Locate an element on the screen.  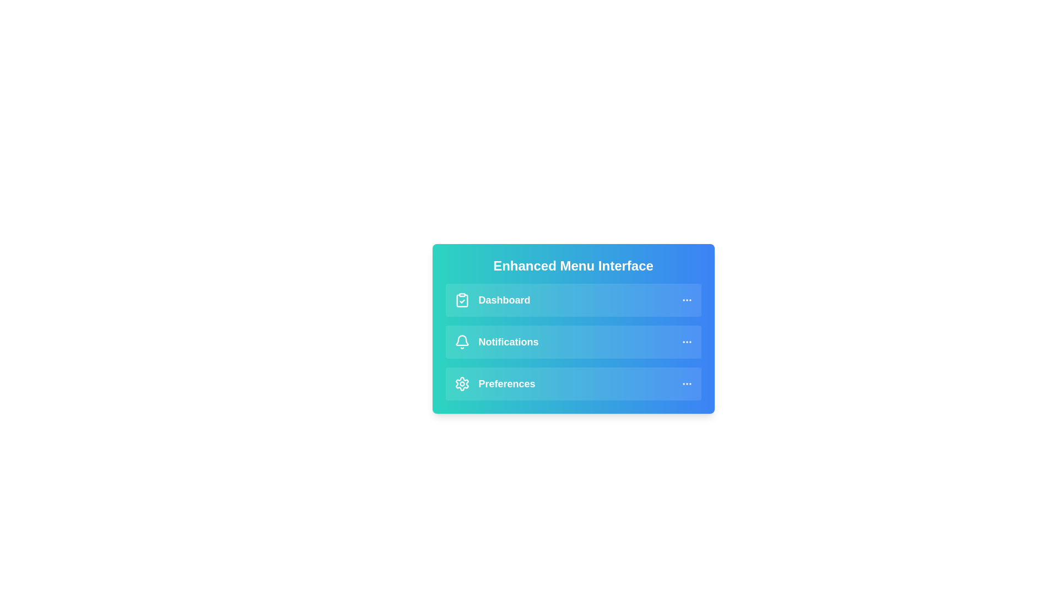
the 'Dashboard' menu item located at the top of the menu, positioned between 'Enhanced Menu Interface' and 'Notifications' is located at coordinates (573, 300).